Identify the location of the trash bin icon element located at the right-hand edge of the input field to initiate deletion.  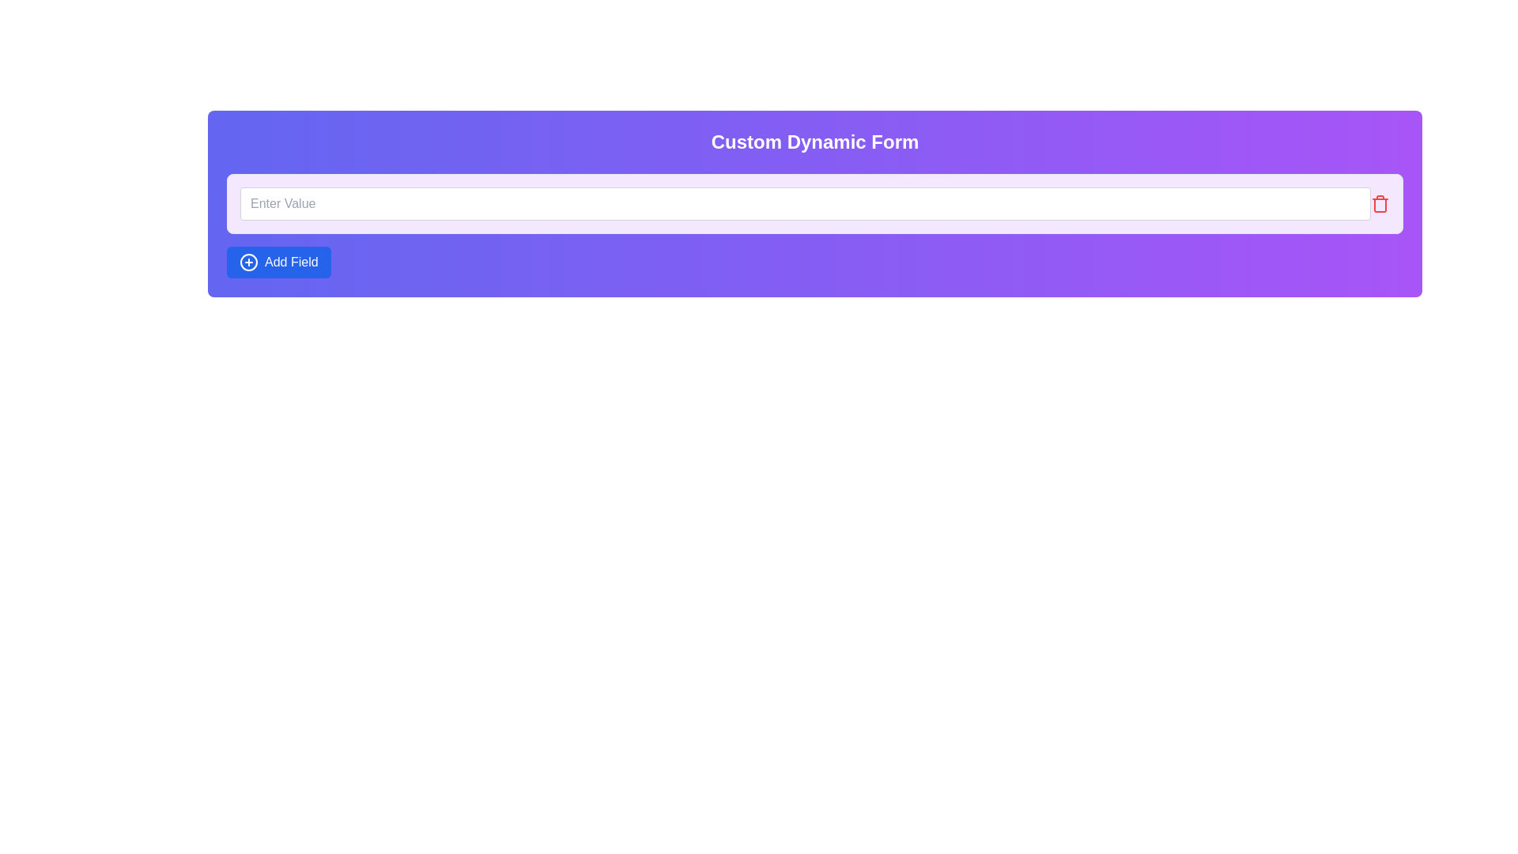
(1380, 204).